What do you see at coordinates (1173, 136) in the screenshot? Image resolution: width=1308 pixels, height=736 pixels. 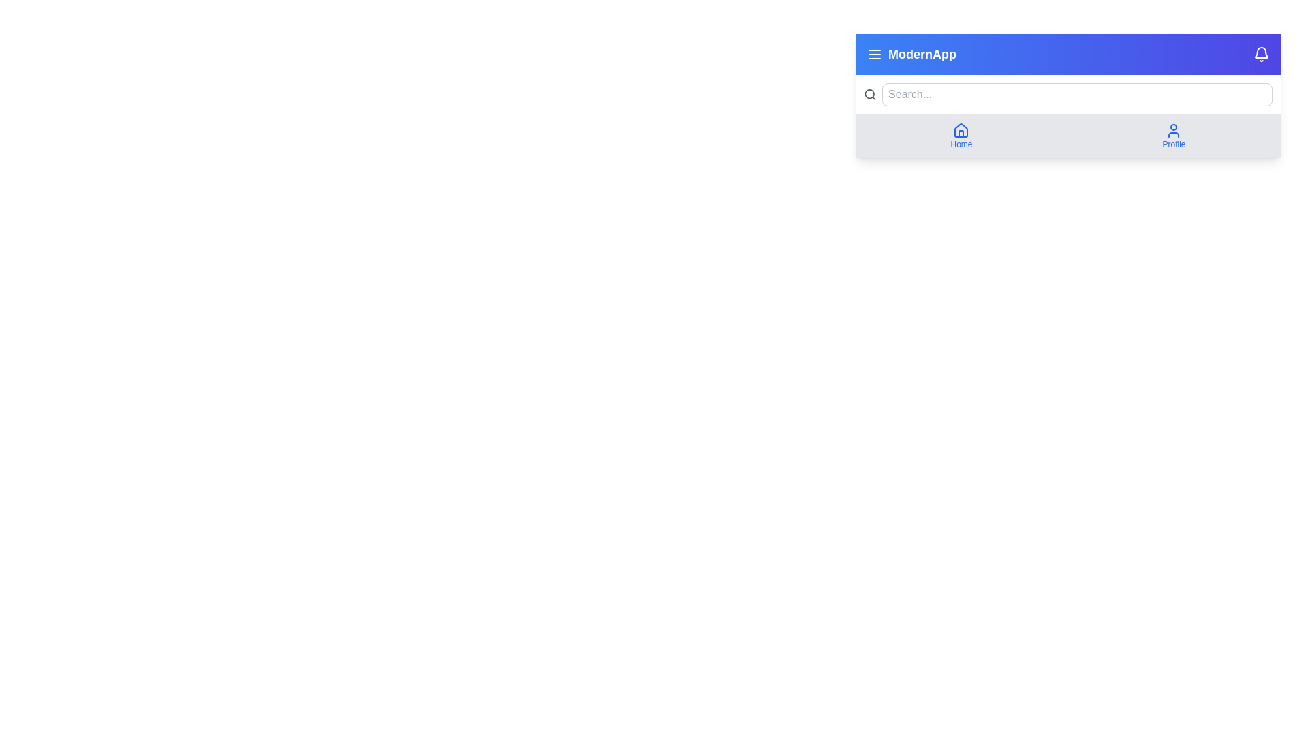 I see `the button located in the bottom-right section of the gray bar` at bounding box center [1173, 136].